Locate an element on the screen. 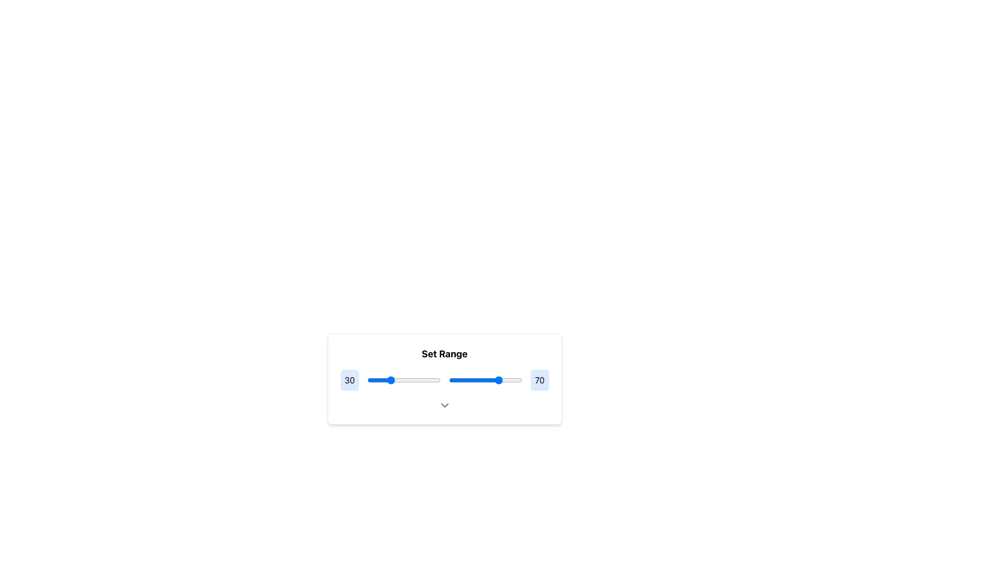 The image size is (1005, 565). the start value of the range slider is located at coordinates (419, 380).